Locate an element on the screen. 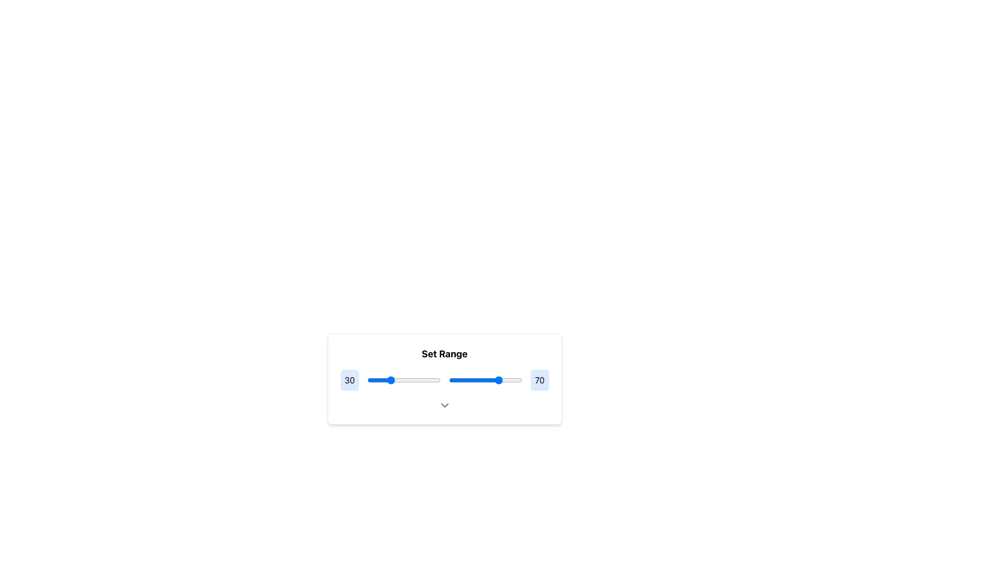 The image size is (1005, 565). the start value of the range slider is located at coordinates (419, 380).